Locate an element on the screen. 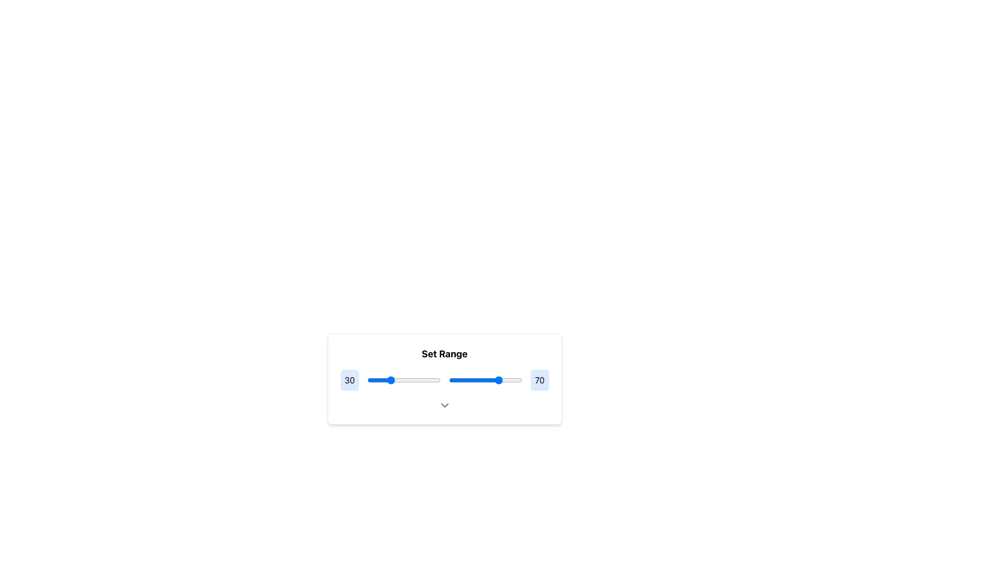 The image size is (1005, 565). the start value of the range slider is located at coordinates (419, 380).